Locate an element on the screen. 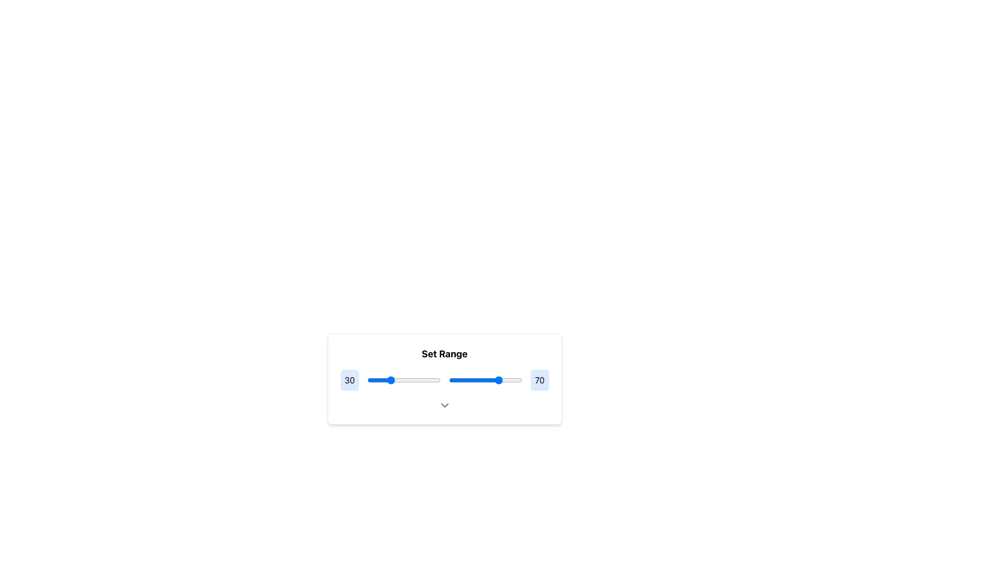 The image size is (1005, 565). the start value of the range slider is located at coordinates (419, 380).